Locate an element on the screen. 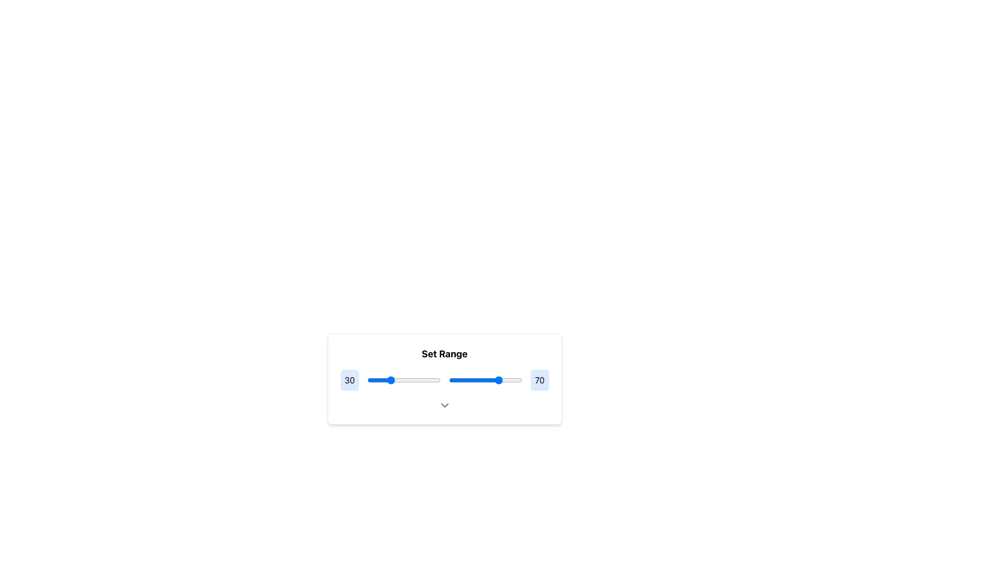 The image size is (1005, 565). the start value of the range slider is located at coordinates (419, 380).